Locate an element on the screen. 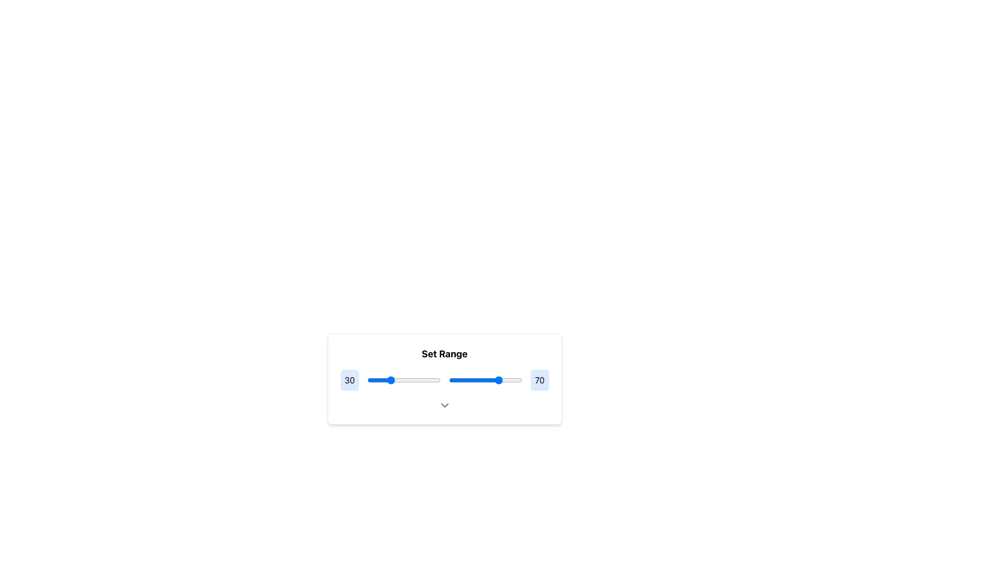 The image size is (1005, 565). the start value of the range slider is located at coordinates (419, 380).